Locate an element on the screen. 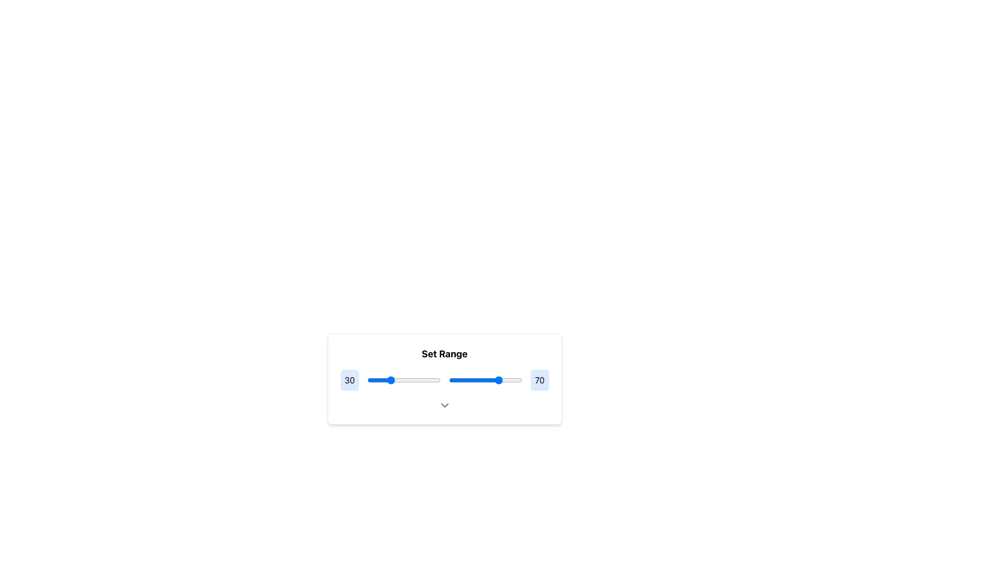 The image size is (1005, 565). the start value of the range slider is located at coordinates (419, 380).